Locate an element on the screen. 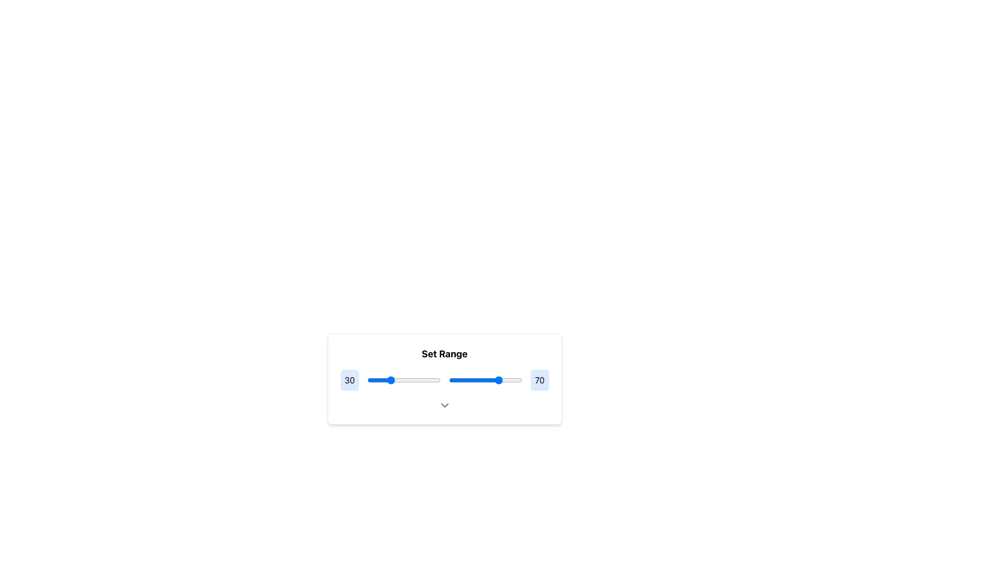 The image size is (1005, 565). the start value of the range slider is located at coordinates (419, 380).